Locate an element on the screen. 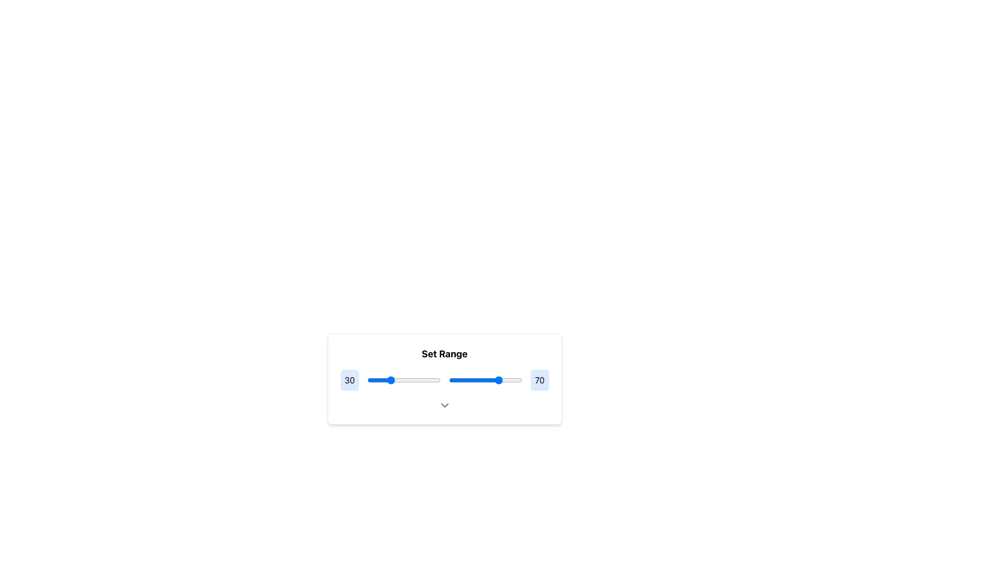 The image size is (1005, 565). the start value of the range slider is located at coordinates (419, 380).